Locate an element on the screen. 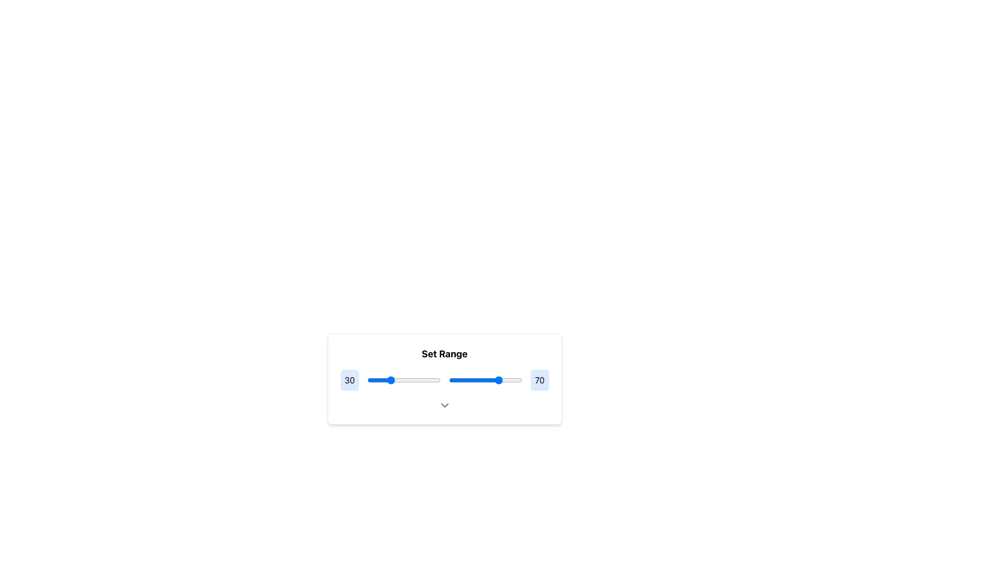 The image size is (1005, 565). the start value of the range slider is located at coordinates (419, 380).